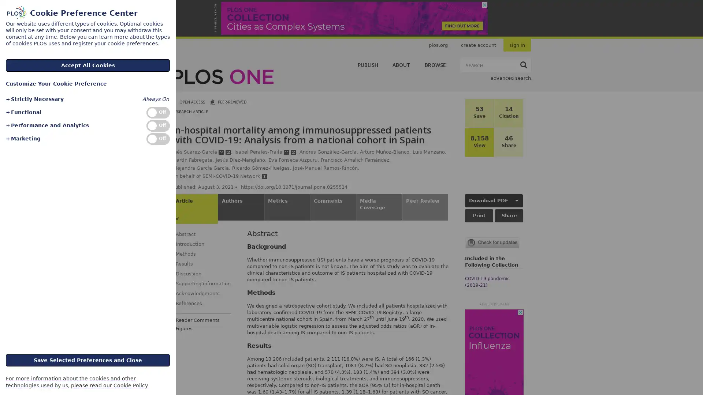 Image resolution: width=703 pixels, height=395 pixels. What do you see at coordinates (23, 139) in the screenshot?
I see `Toggle explanation of Marketing Cookies.` at bounding box center [23, 139].